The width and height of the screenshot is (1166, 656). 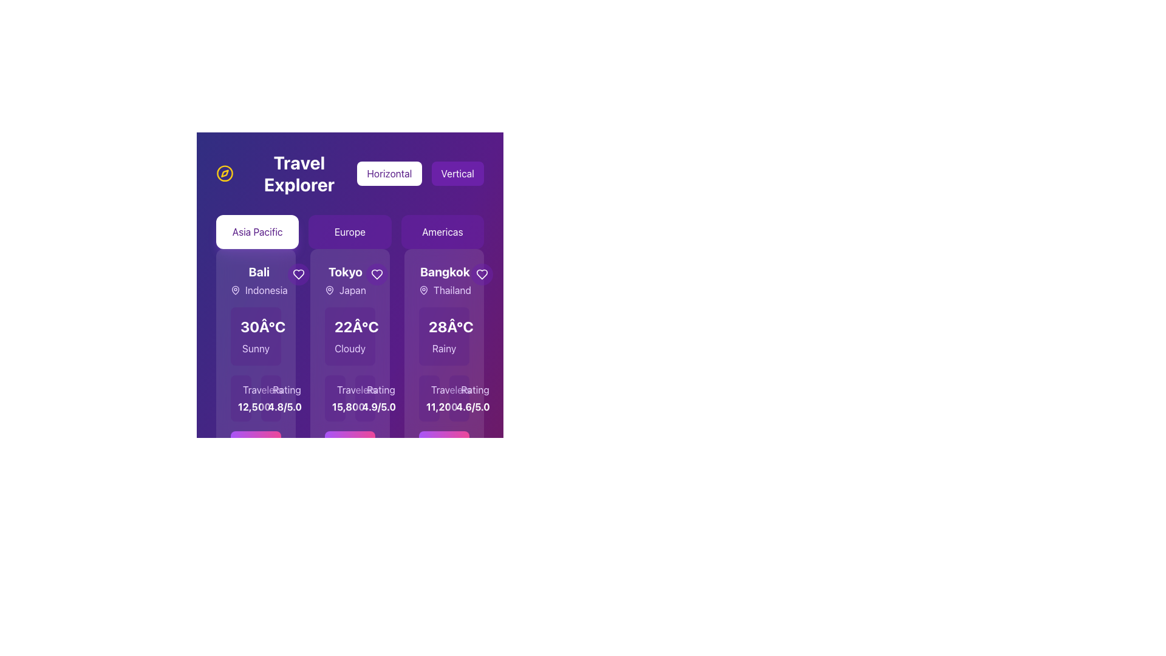 I want to click on details of the travel destination label located in the Asia Pacific tab, positioned in the leftmost column near the top, which provides the name and country of the location, so click(x=258, y=281).